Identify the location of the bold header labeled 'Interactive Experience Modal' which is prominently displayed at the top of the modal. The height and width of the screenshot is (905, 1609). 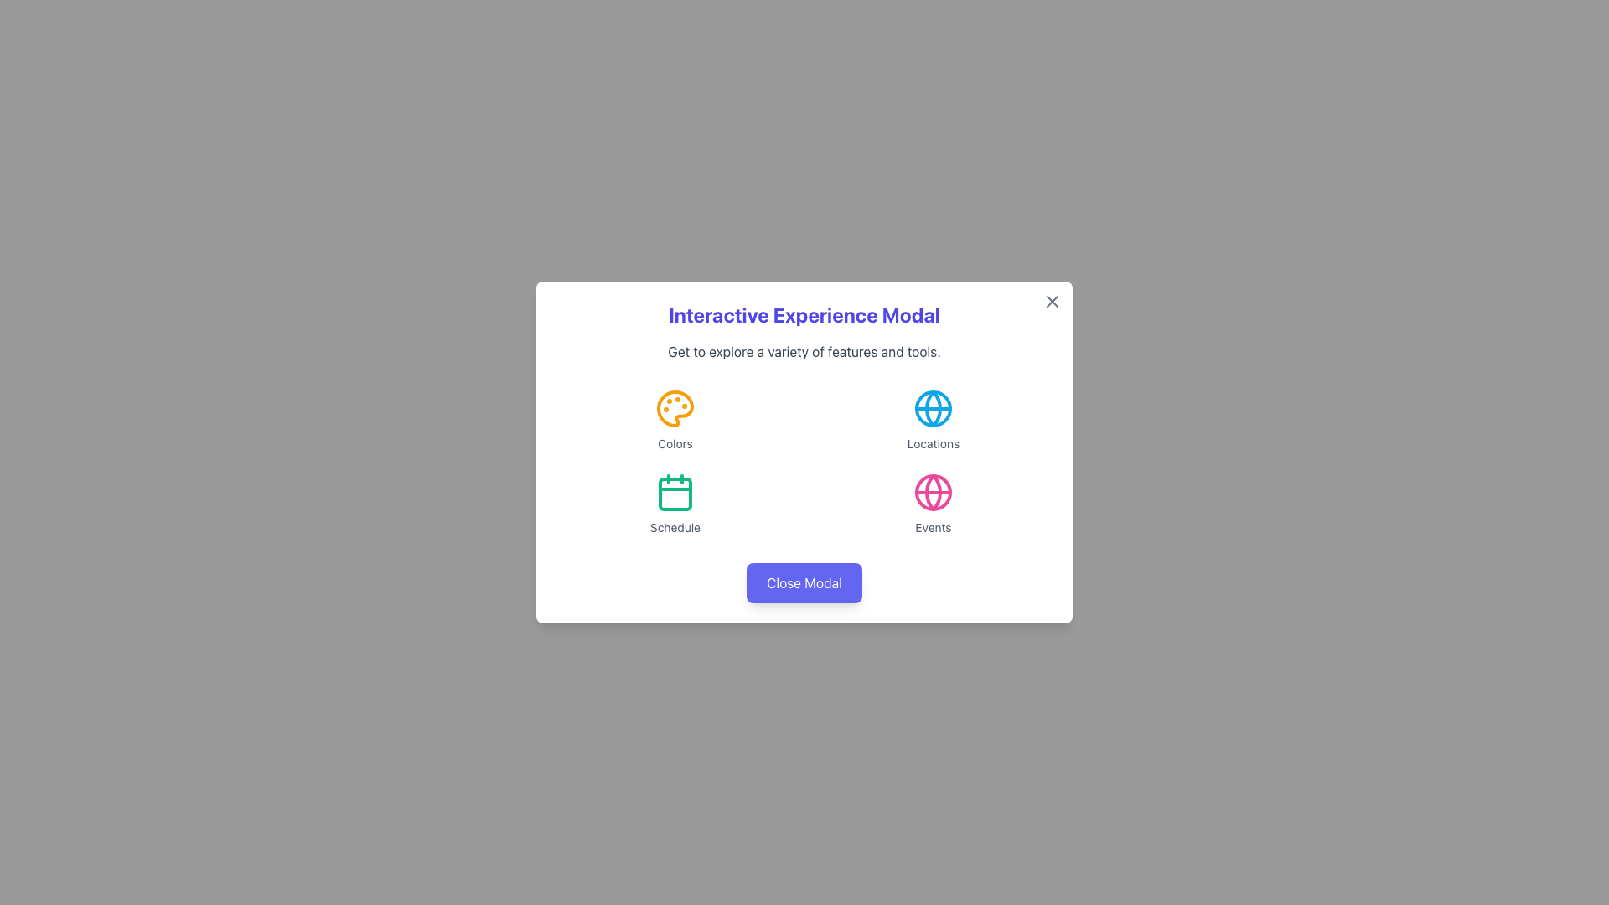
(804, 314).